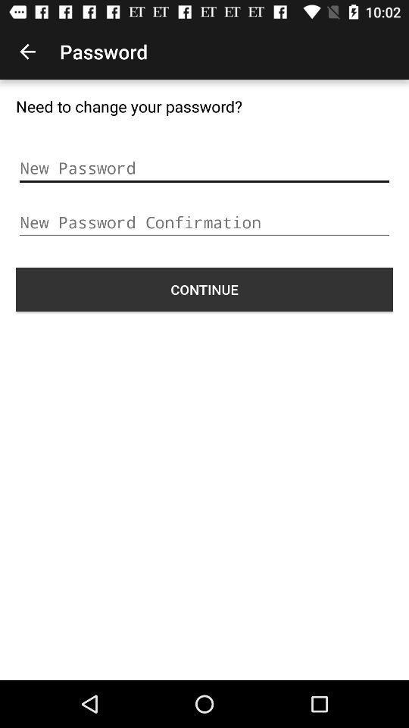  What do you see at coordinates (27, 52) in the screenshot?
I see `item above the need to change` at bounding box center [27, 52].